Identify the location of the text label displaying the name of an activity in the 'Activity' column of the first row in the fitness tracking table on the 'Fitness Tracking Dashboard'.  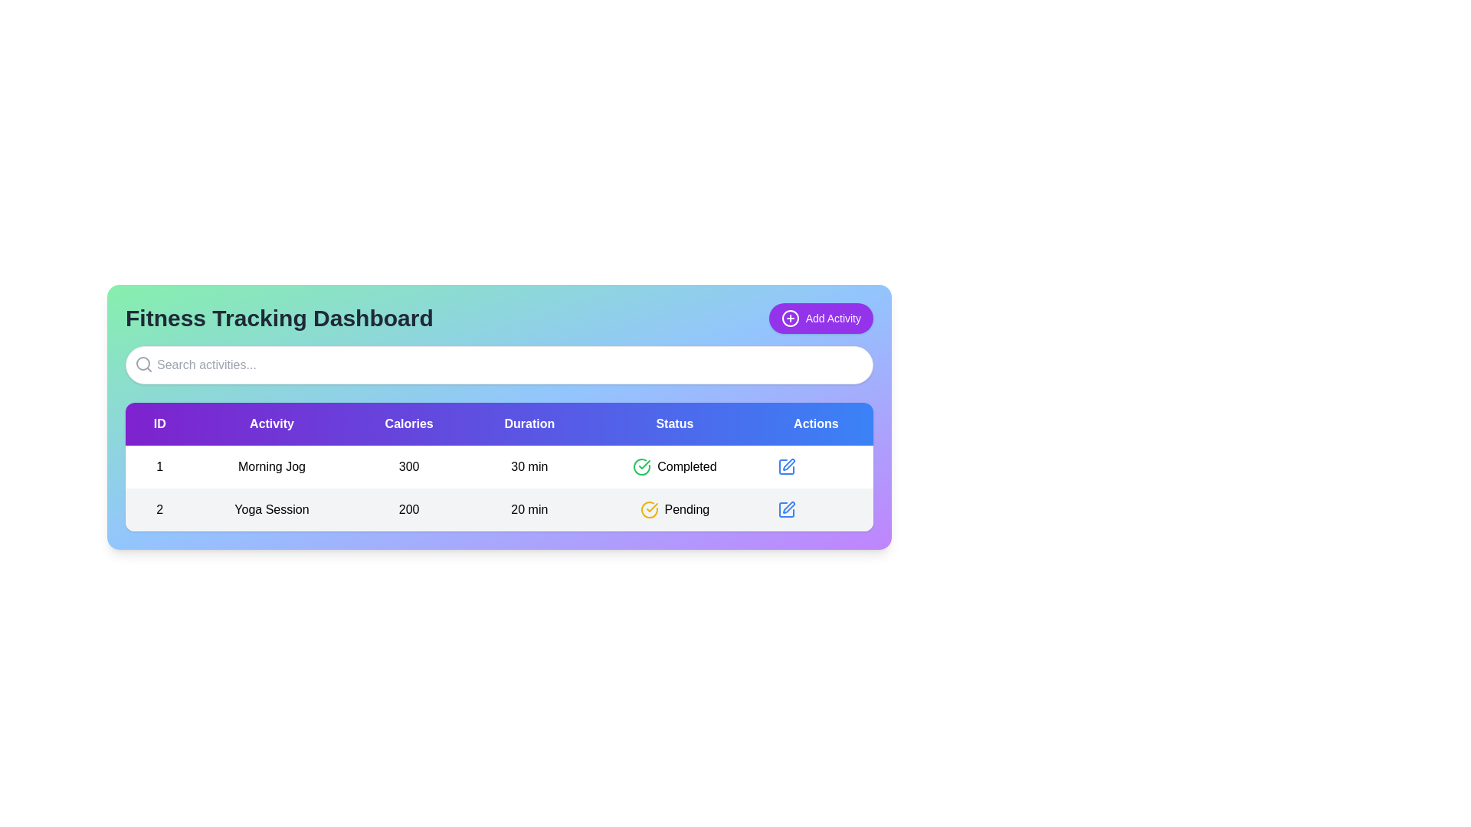
(272, 466).